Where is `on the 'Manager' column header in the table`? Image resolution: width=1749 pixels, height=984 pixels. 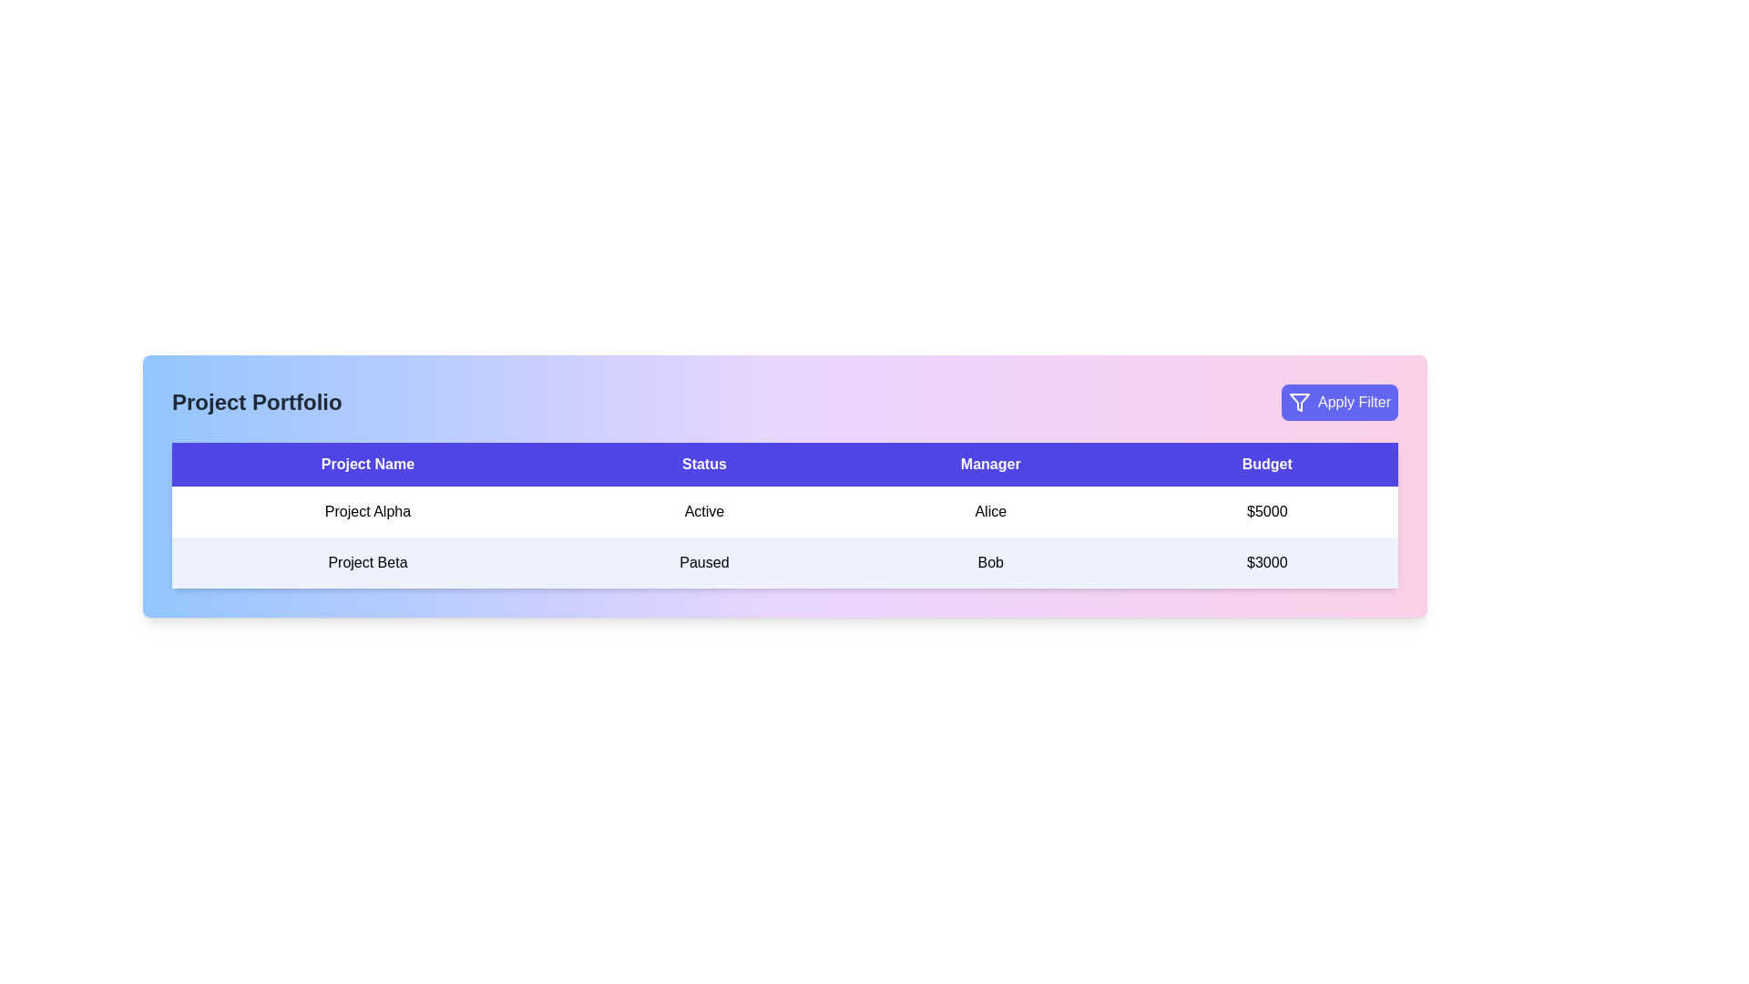 on the 'Manager' column header in the table is located at coordinates (989, 463).